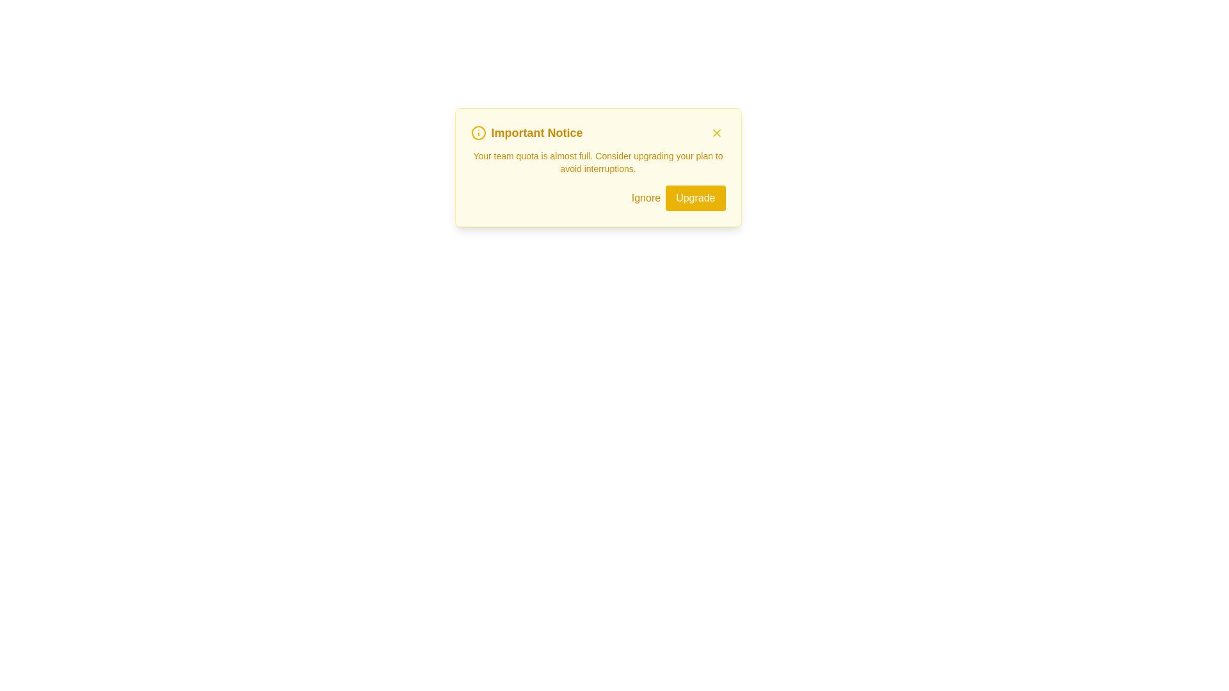  What do you see at coordinates (716, 133) in the screenshot?
I see `the close button located in the top-right corner of the yellow notification box, which serves to dismiss the notification` at bounding box center [716, 133].